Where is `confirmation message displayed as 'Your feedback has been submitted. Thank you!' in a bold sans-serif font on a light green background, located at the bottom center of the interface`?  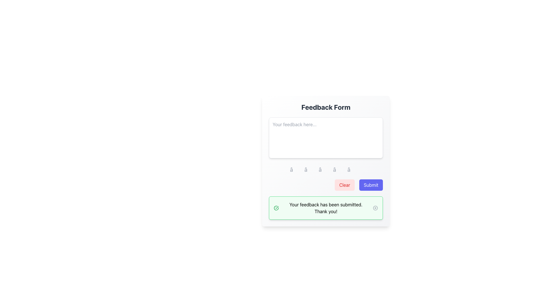 confirmation message displayed as 'Your feedback has been submitted. Thank you!' in a bold sans-serif font on a light green background, located at the bottom center of the interface is located at coordinates (326, 208).